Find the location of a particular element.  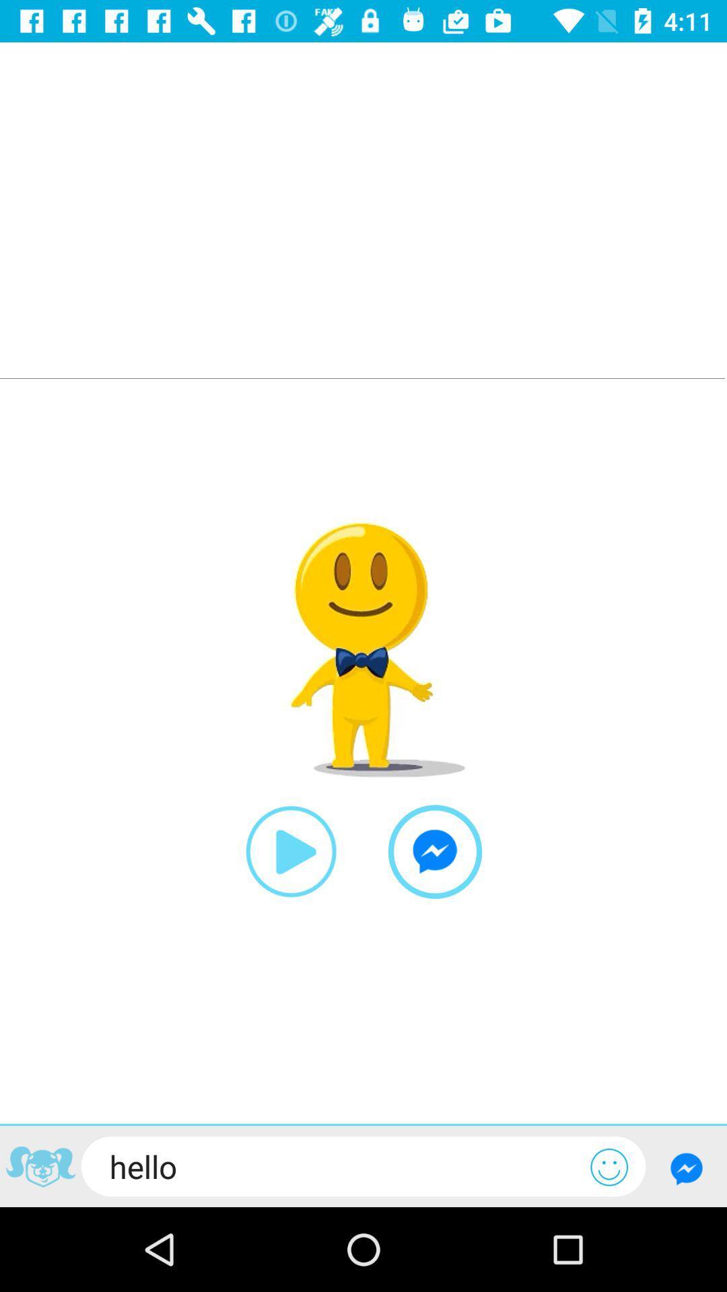

the chat icon is located at coordinates (435, 851).